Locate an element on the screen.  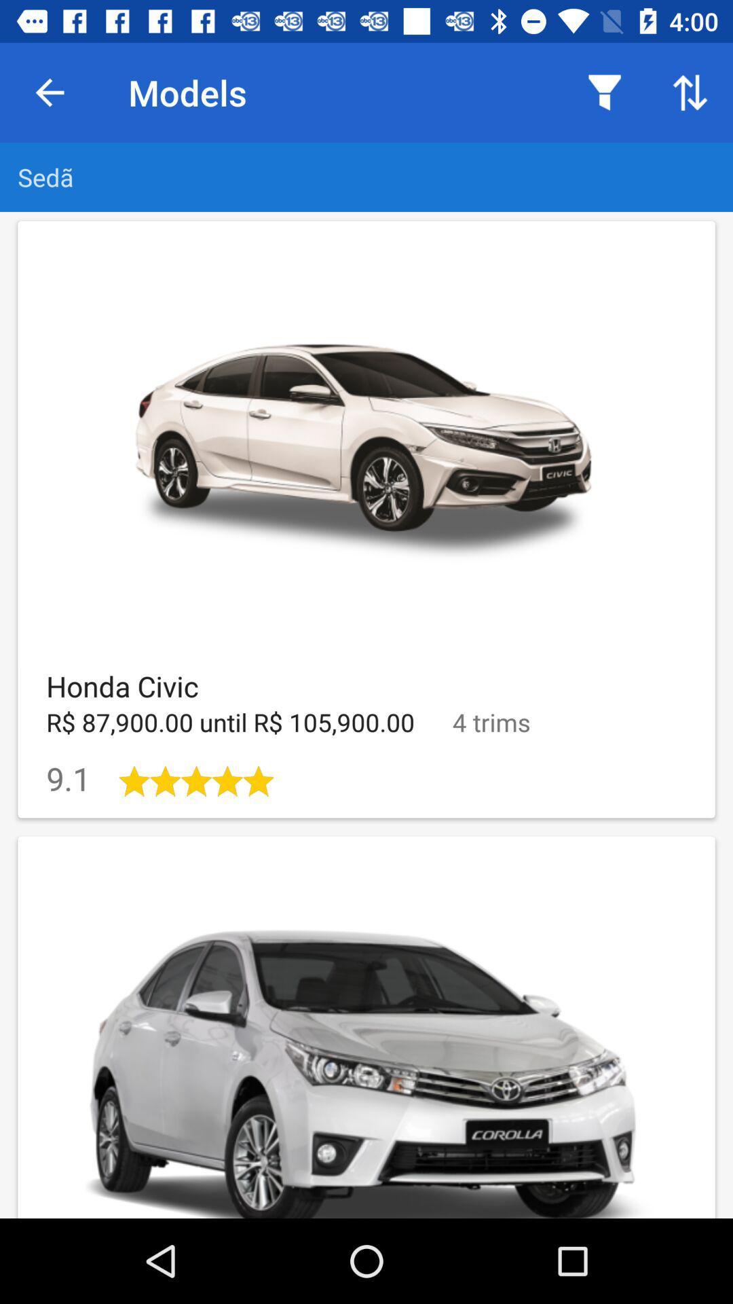
the item to the right of the models icon is located at coordinates (604, 92).